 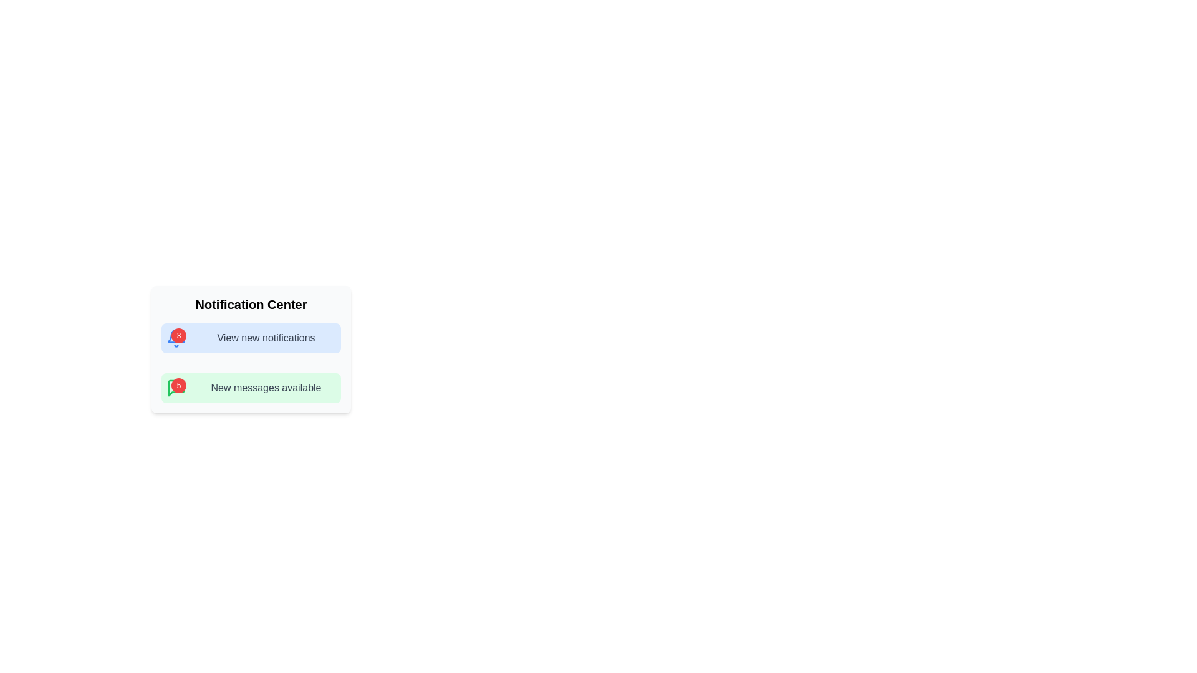 I want to click on text inside the badge indicating that there are 5 new messages, located at the top-right corner of the green messaging icon, so click(x=176, y=388).